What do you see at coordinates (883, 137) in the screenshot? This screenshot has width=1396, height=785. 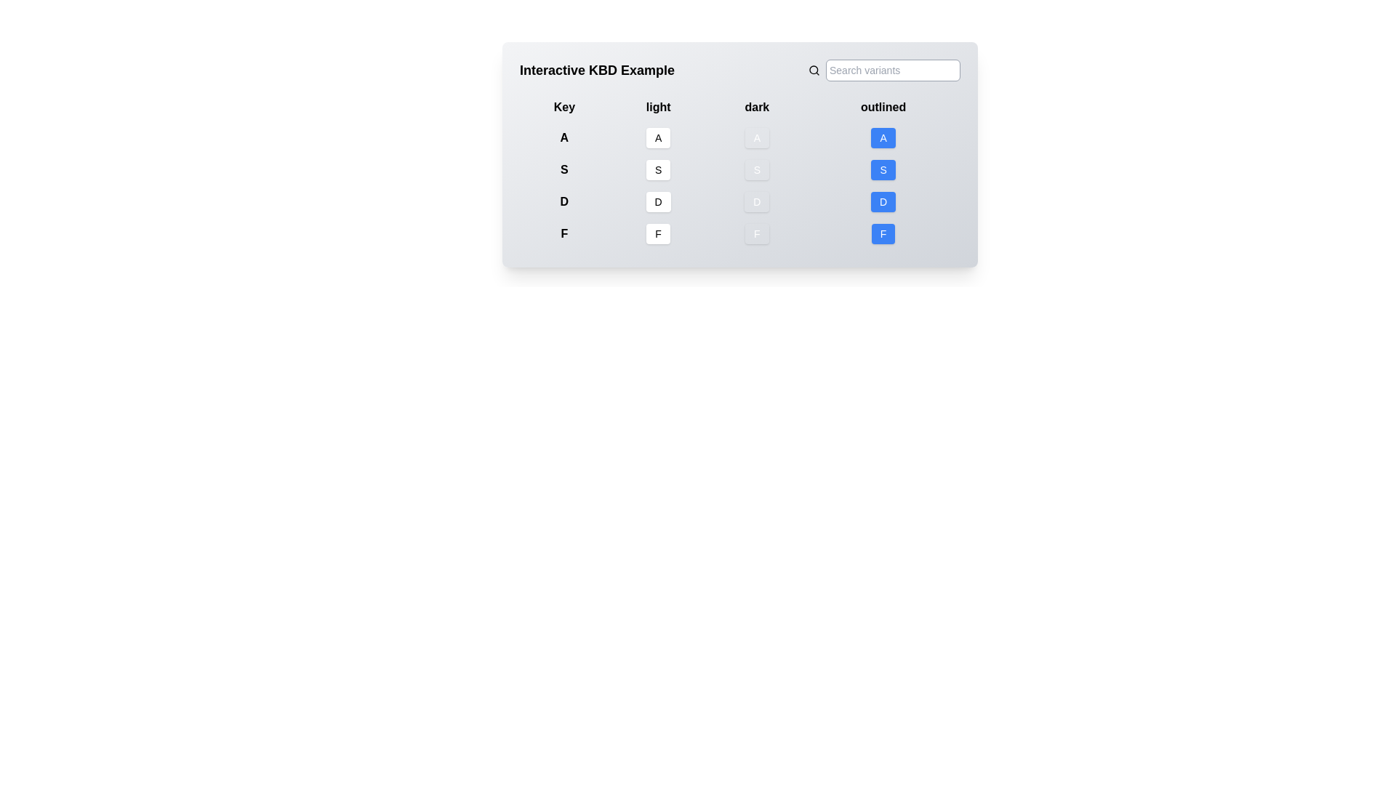 I see `the blue button labeled 'A' which is the first button in the vertically stacked group of outlined buttons located in the top-right section of the layout` at bounding box center [883, 137].